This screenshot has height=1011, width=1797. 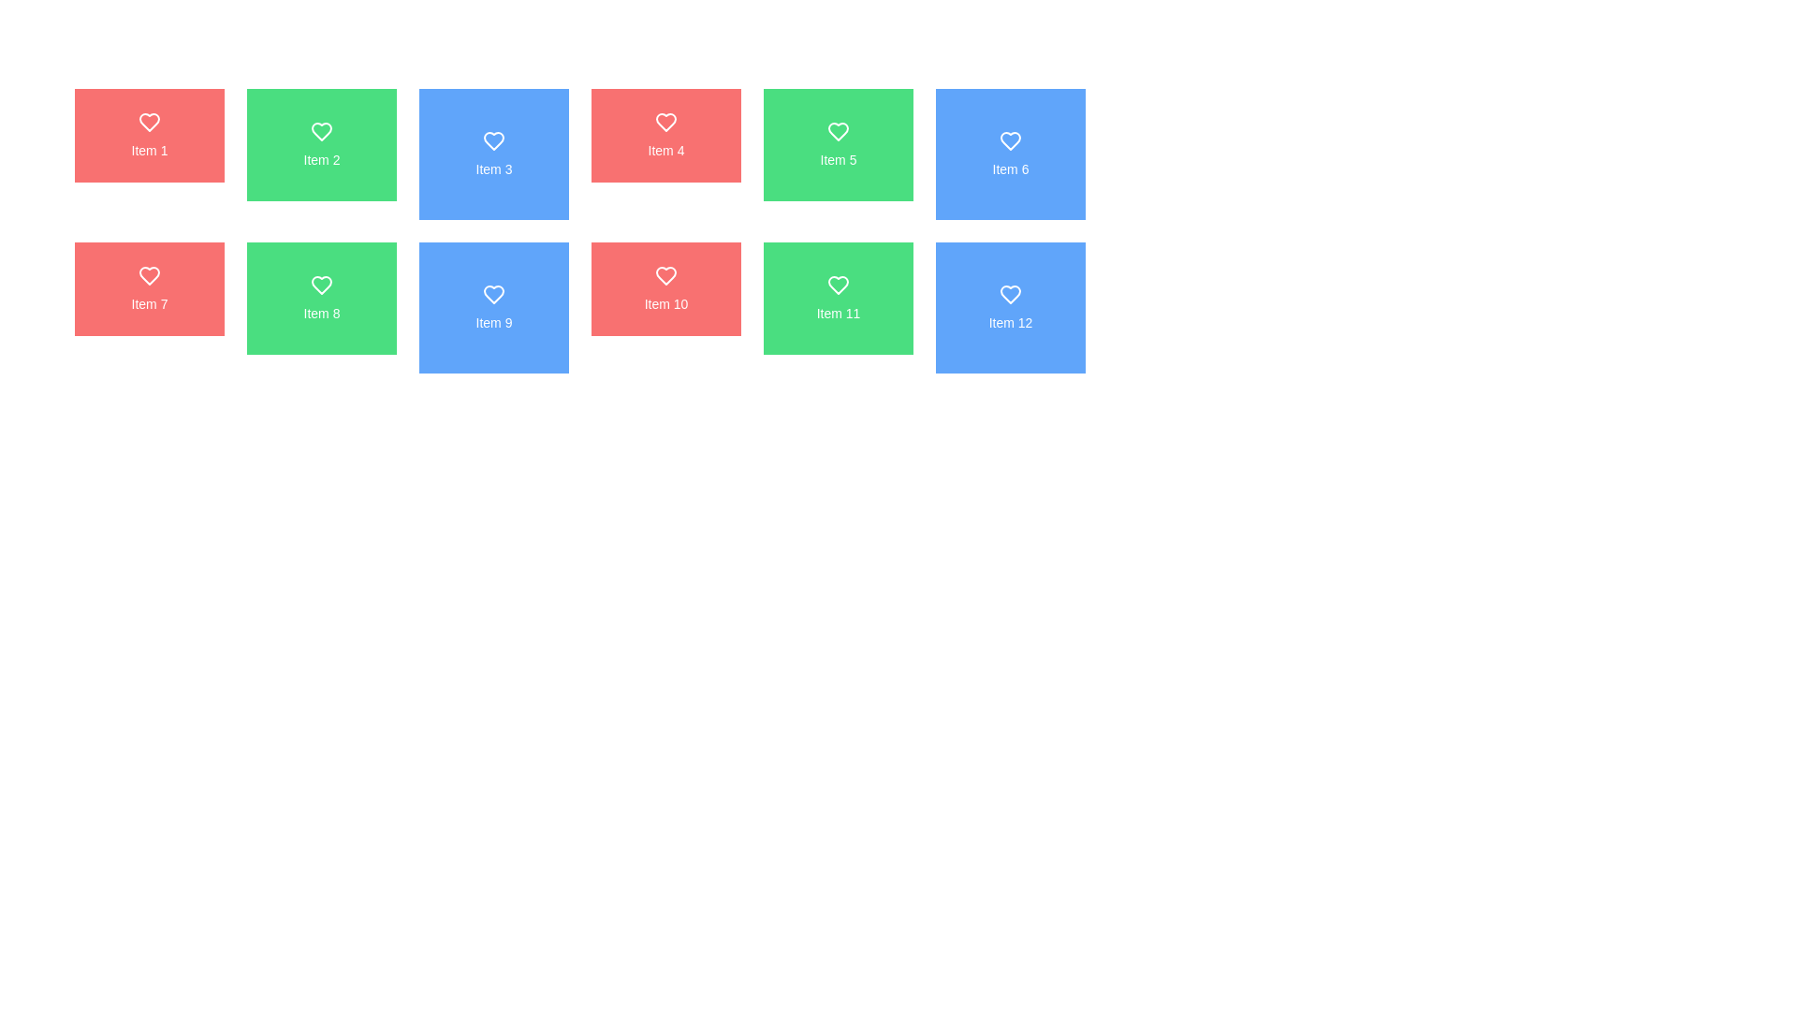 I want to click on the heart-shaped icon, so click(x=494, y=139).